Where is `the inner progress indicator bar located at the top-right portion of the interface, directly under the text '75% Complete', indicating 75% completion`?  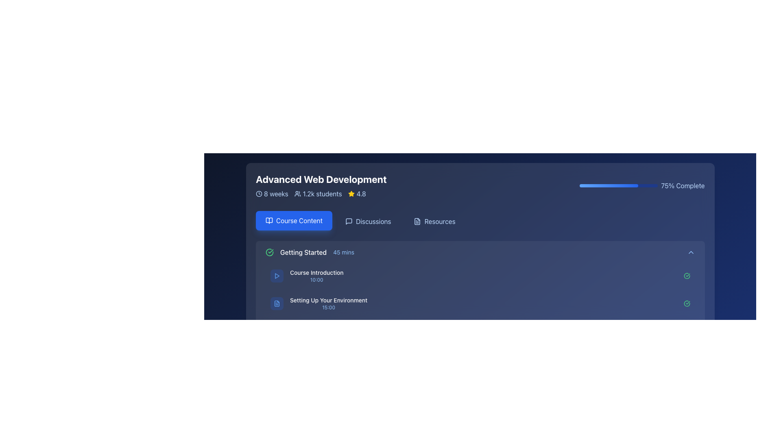
the inner progress indicator bar located at the top-right portion of the interface, directly under the text '75% Complete', indicating 75% completion is located at coordinates (609, 185).